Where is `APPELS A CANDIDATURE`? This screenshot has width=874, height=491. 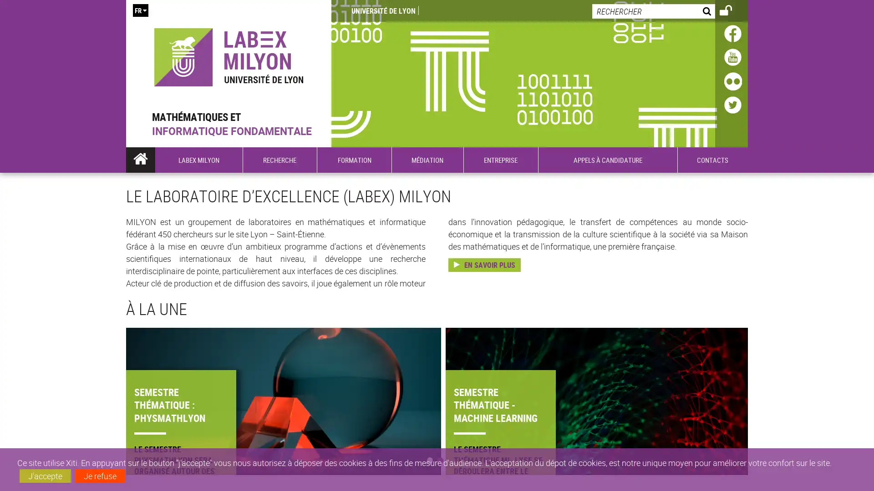 APPELS A CANDIDATURE is located at coordinates (607, 159).